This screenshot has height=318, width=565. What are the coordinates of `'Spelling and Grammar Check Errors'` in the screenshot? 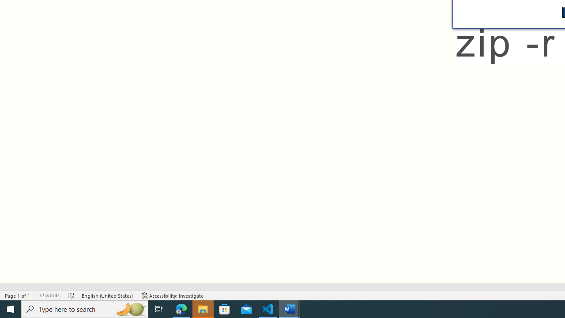 It's located at (71, 295).